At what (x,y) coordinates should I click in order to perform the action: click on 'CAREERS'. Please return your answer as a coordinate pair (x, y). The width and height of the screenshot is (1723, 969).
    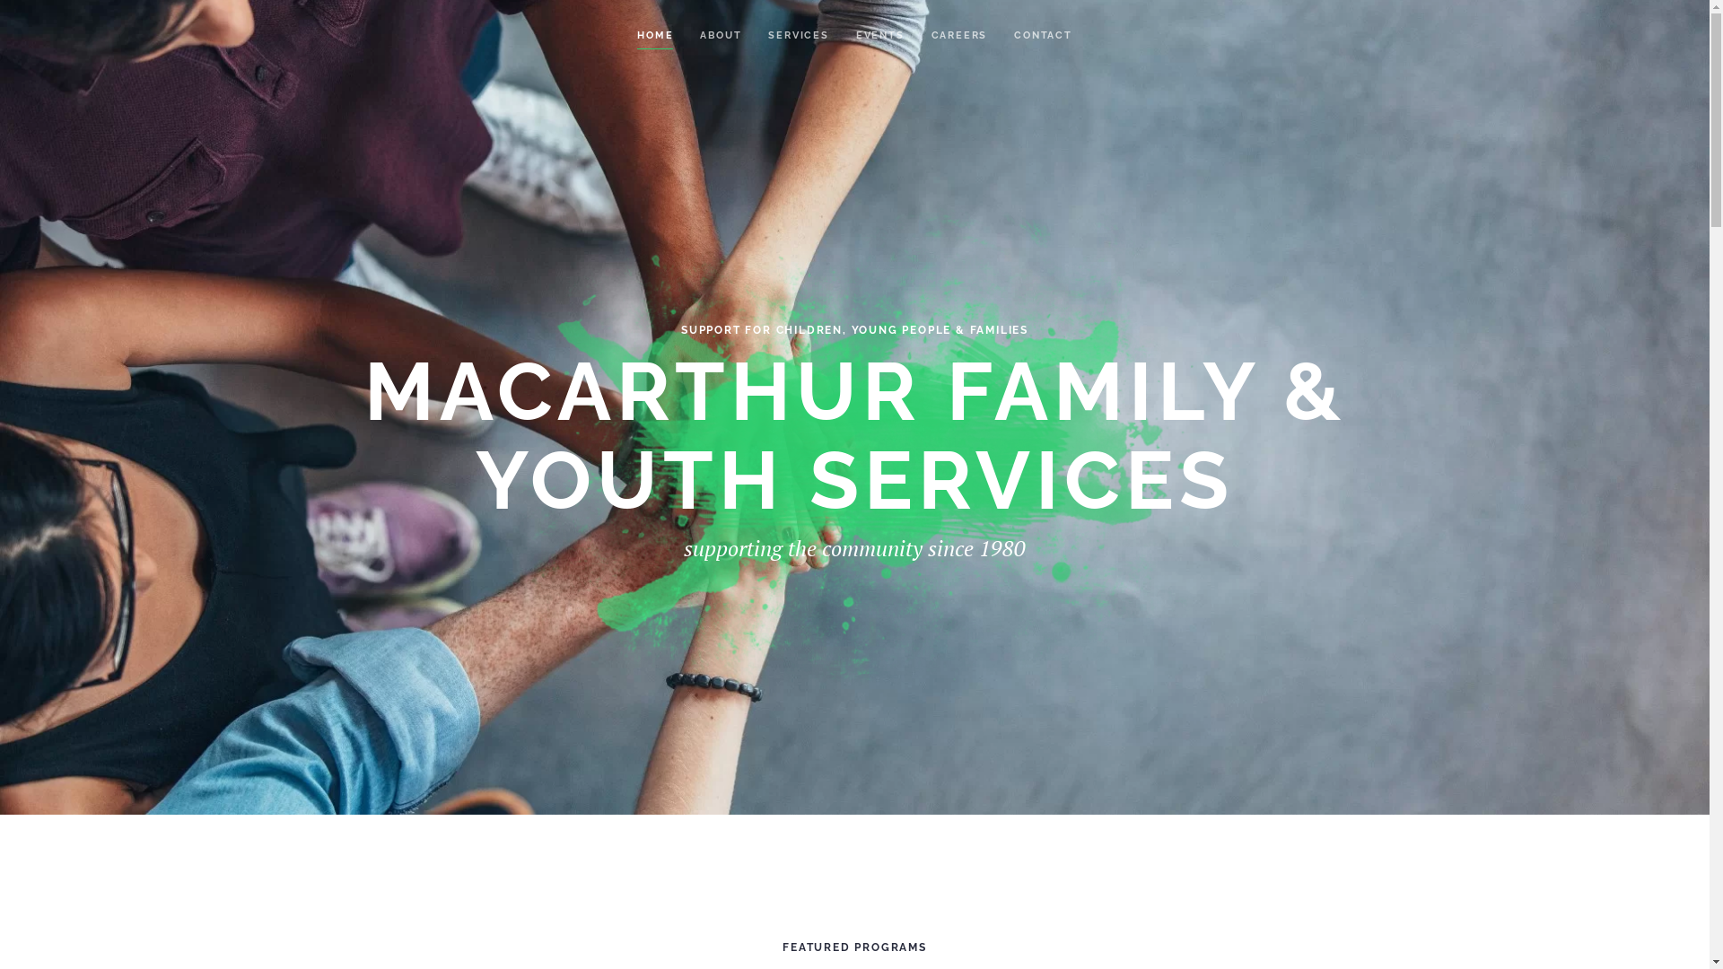
    Looking at the image, I should click on (931, 35).